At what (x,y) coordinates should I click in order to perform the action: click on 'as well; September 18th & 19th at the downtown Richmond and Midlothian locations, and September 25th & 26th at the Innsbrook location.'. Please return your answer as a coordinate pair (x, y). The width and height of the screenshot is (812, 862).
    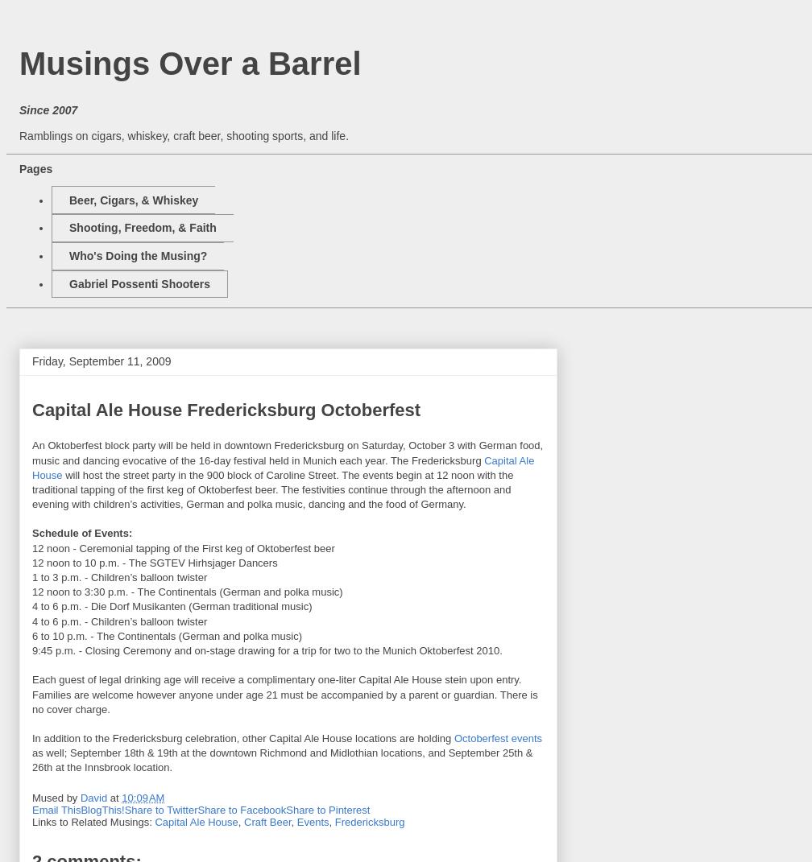
    Looking at the image, I should click on (282, 759).